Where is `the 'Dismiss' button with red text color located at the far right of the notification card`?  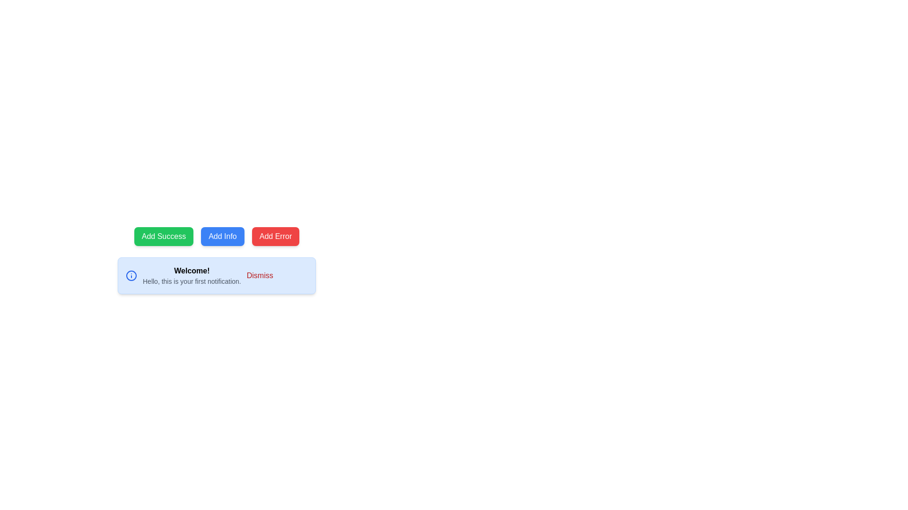 the 'Dismiss' button with red text color located at the far right of the notification card is located at coordinates (260, 275).